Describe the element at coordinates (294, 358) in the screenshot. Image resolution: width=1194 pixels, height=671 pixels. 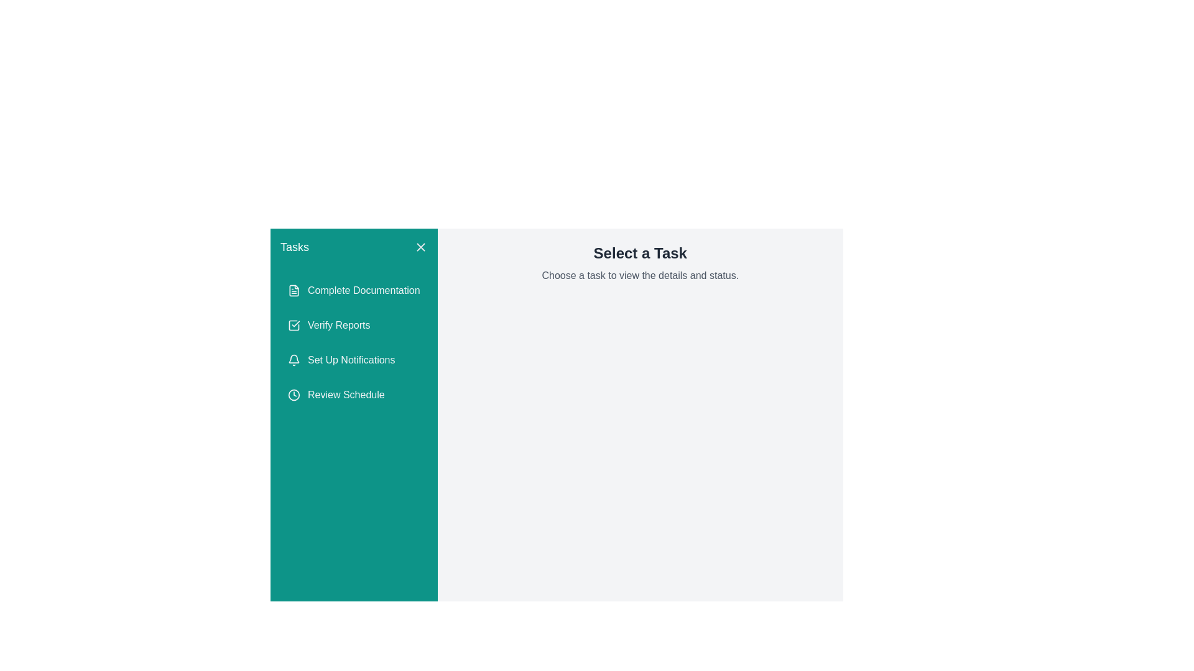
I see `the bell icon representing notifications within the 'Set Up Notifications' menu item, located in the third item of the vertical list in the sidebar menu labeled 'Tasks'` at that location.